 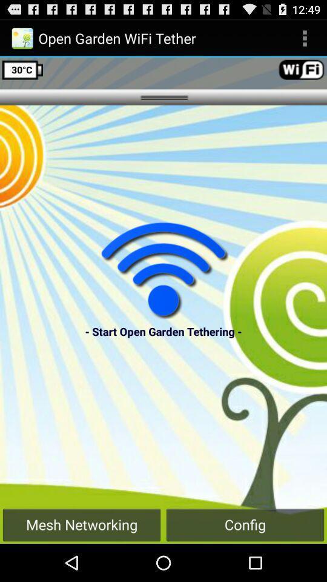 I want to click on start open garden tethering, so click(x=163, y=270).